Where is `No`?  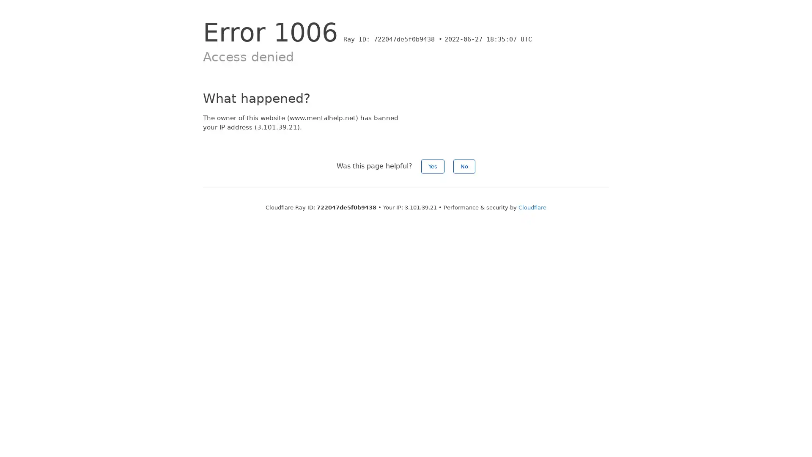 No is located at coordinates (464, 166).